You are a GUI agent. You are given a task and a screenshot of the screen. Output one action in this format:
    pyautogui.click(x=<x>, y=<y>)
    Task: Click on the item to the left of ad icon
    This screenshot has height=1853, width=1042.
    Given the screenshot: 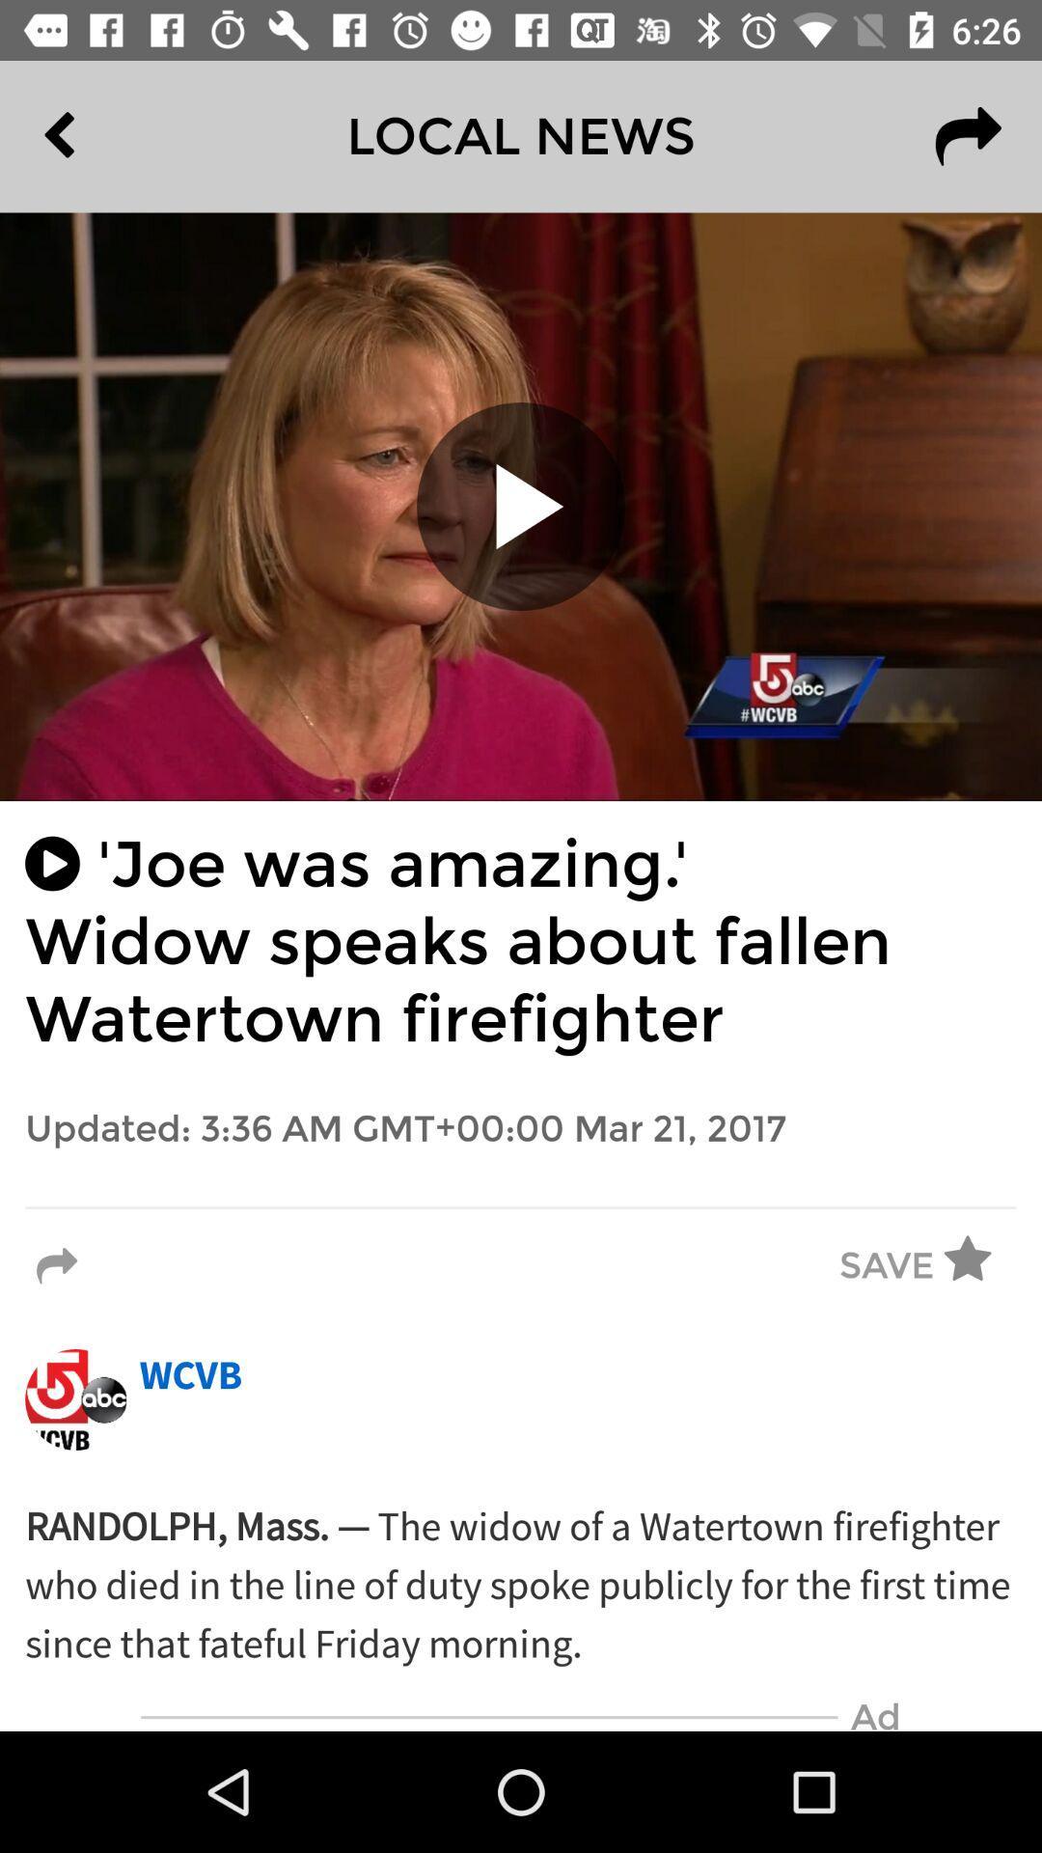 What is the action you would take?
    pyautogui.click(x=488, y=1717)
    